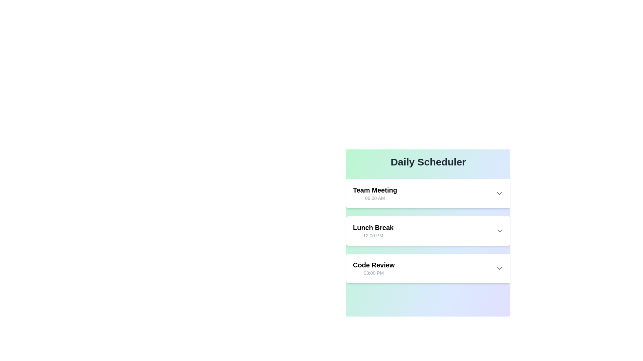 The width and height of the screenshot is (643, 361). What do you see at coordinates (428, 268) in the screenshot?
I see `the scheduled event list item displaying 'Code Review' at '03:00 PM', which is the third item in the daily scheduler` at bounding box center [428, 268].